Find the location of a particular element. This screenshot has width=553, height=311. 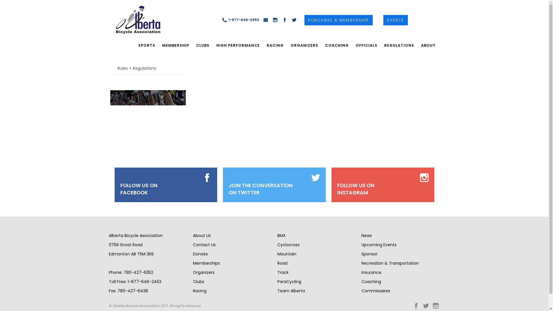

'Mountain' is located at coordinates (286, 254).